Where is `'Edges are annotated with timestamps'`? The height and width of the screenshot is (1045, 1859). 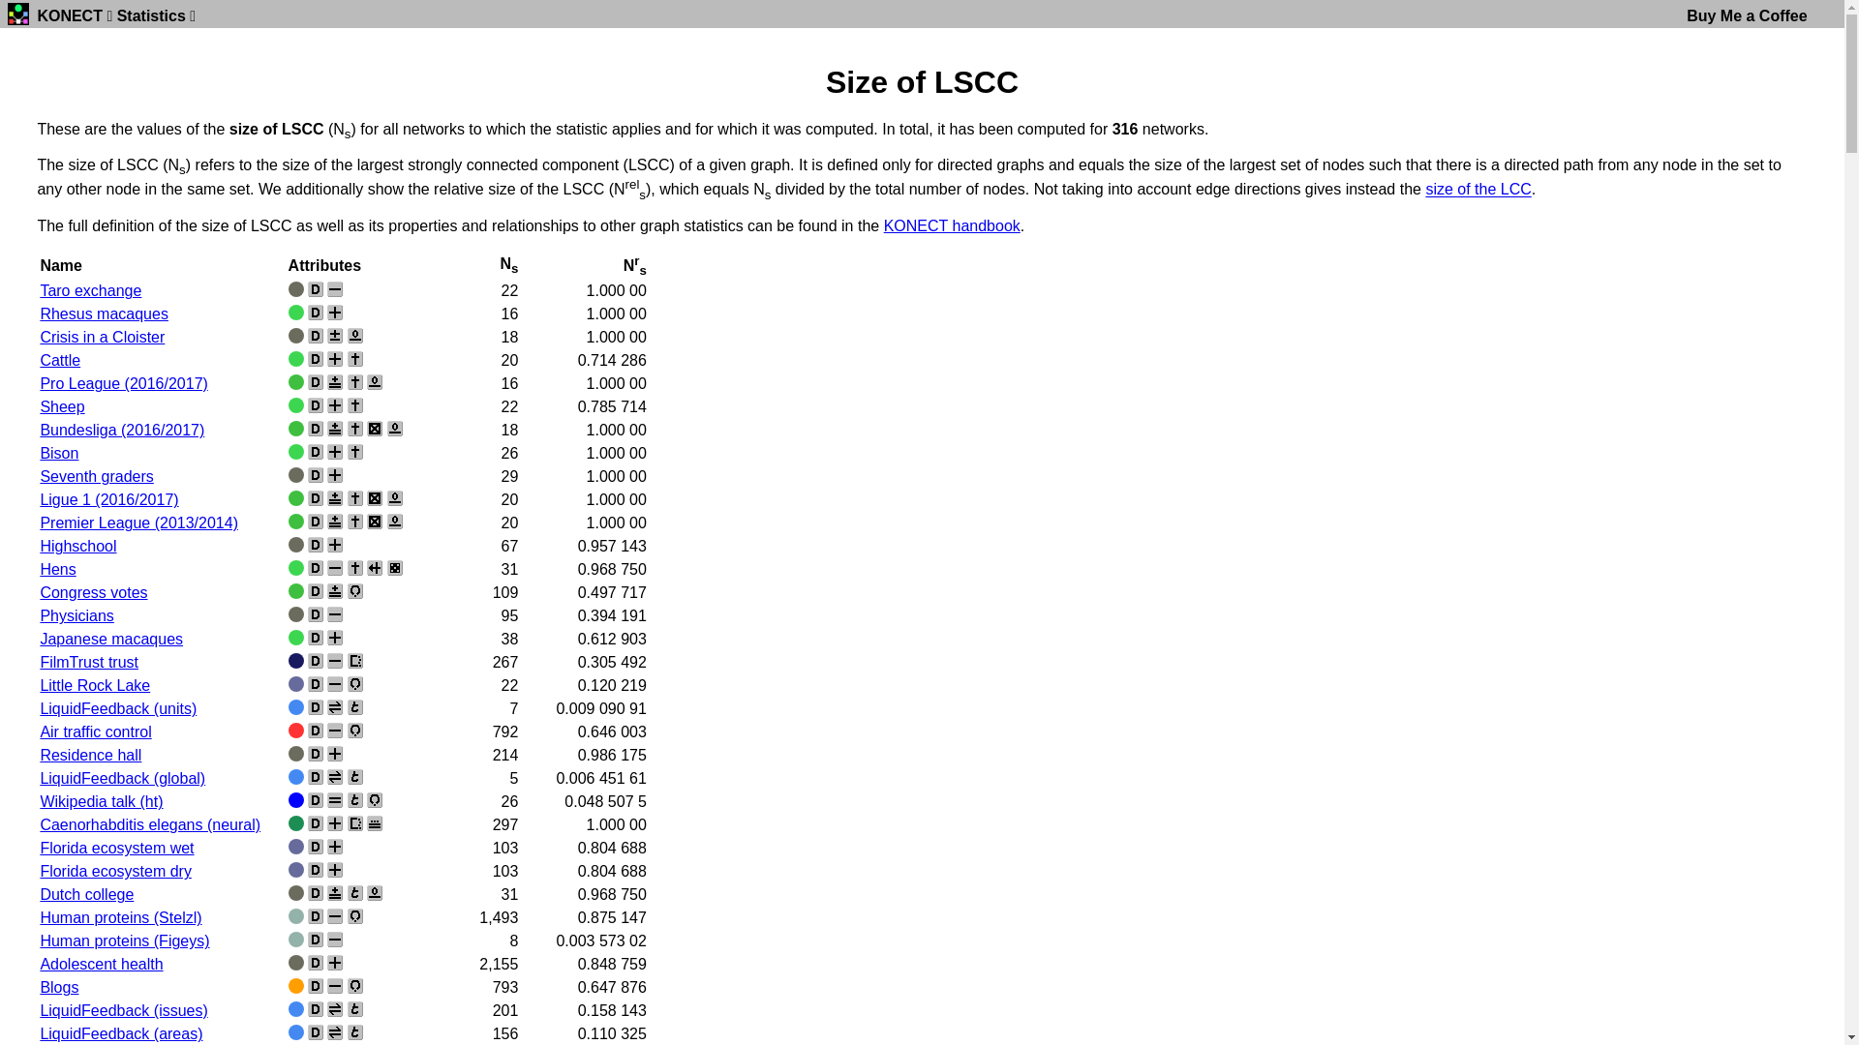 'Edges are annotated with timestamps' is located at coordinates (354, 1031).